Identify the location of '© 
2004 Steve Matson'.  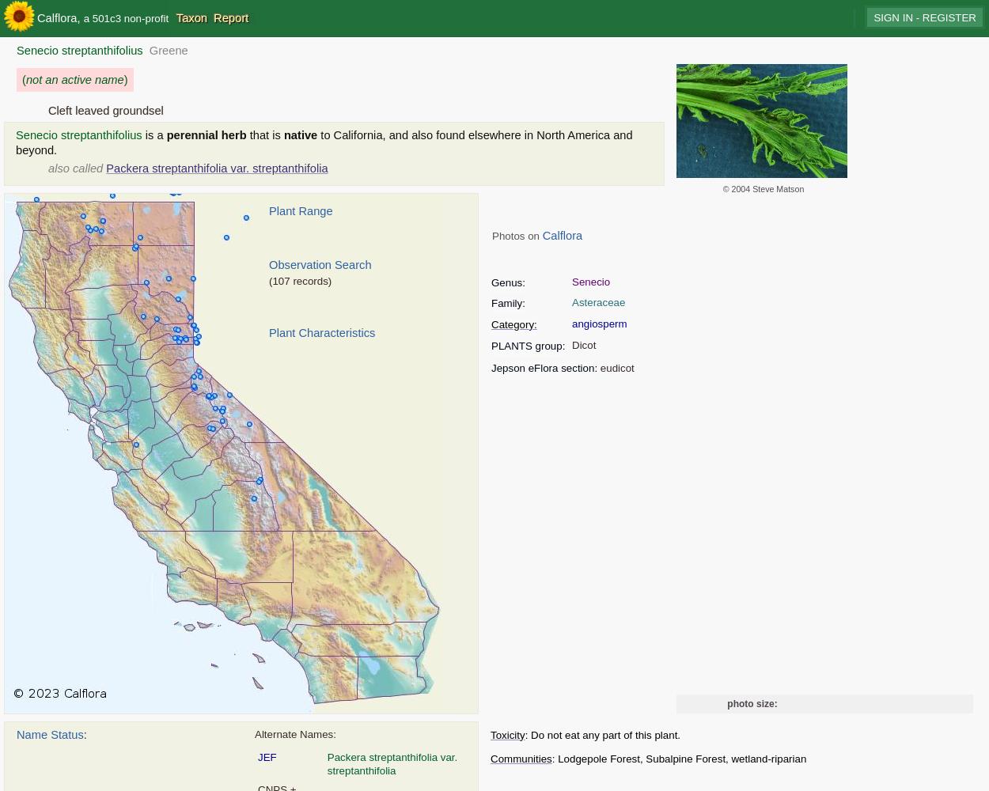
(762, 188).